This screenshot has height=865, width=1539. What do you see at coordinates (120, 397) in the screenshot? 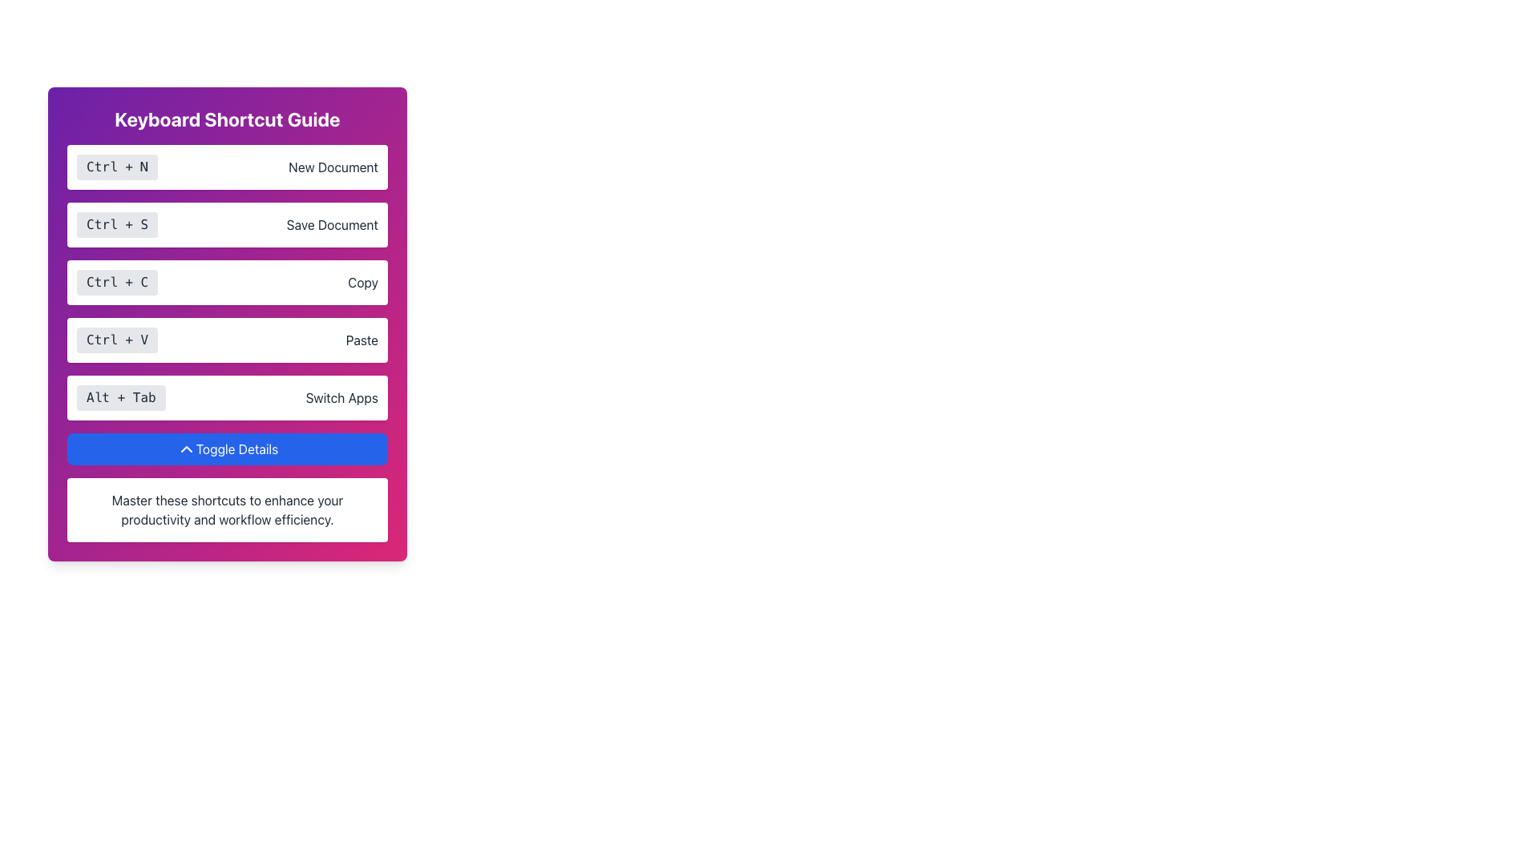
I see `the Text Label displaying 'Alt + Tab', which is a gray button-like structure with rounded corners, positioned centrally in a list of keyboard shortcuts` at bounding box center [120, 397].